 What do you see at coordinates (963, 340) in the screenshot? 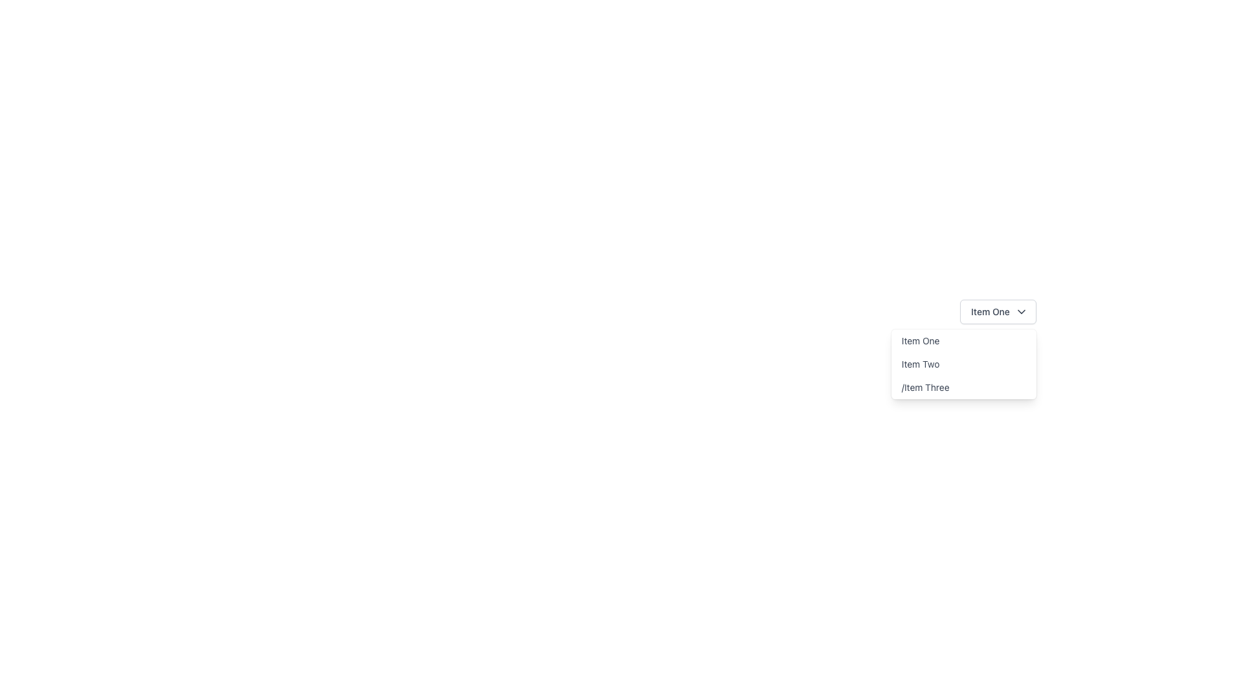
I see `the first item 'Item One' in the dropdown menu` at bounding box center [963, 340].